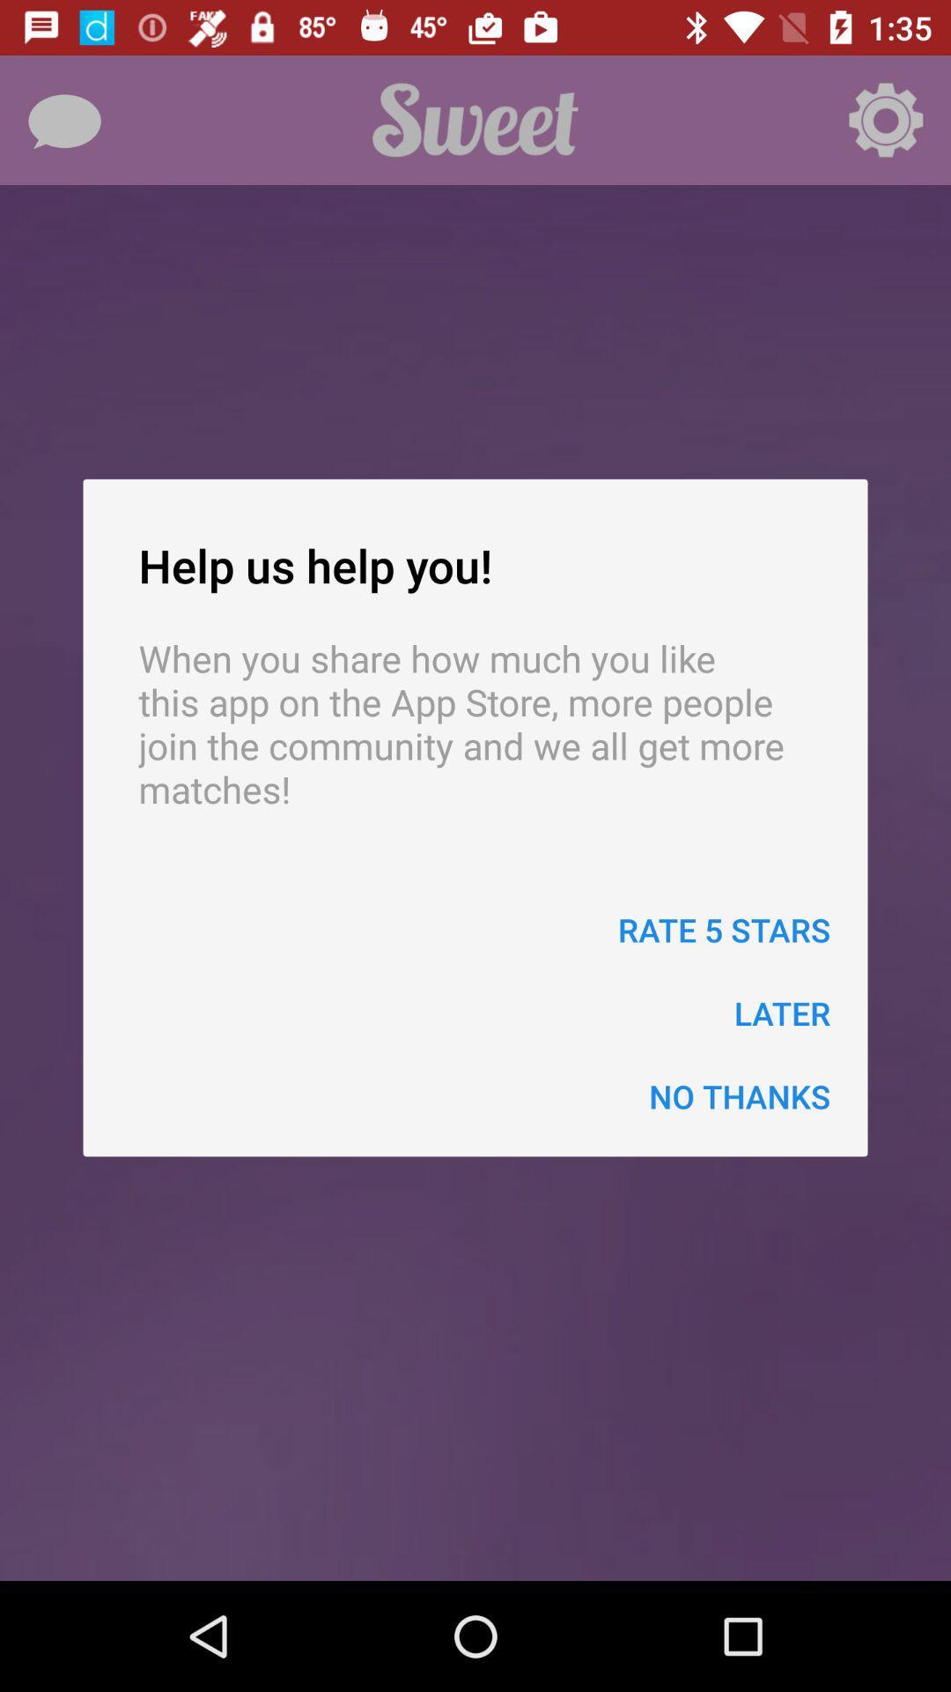 This screenshot has width=951, height=1692. I want to click on the icon above no thanks item, so click(781, 1013).